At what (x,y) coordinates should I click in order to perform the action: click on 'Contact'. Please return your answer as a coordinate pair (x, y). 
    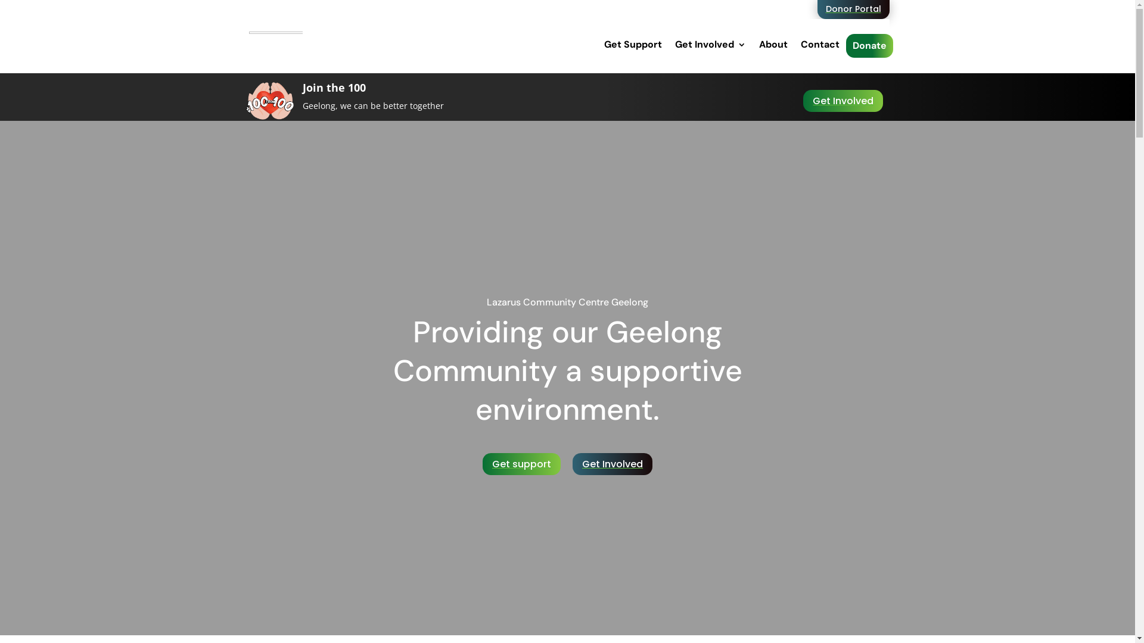
    Looking at the image, I should click on (819, 43).